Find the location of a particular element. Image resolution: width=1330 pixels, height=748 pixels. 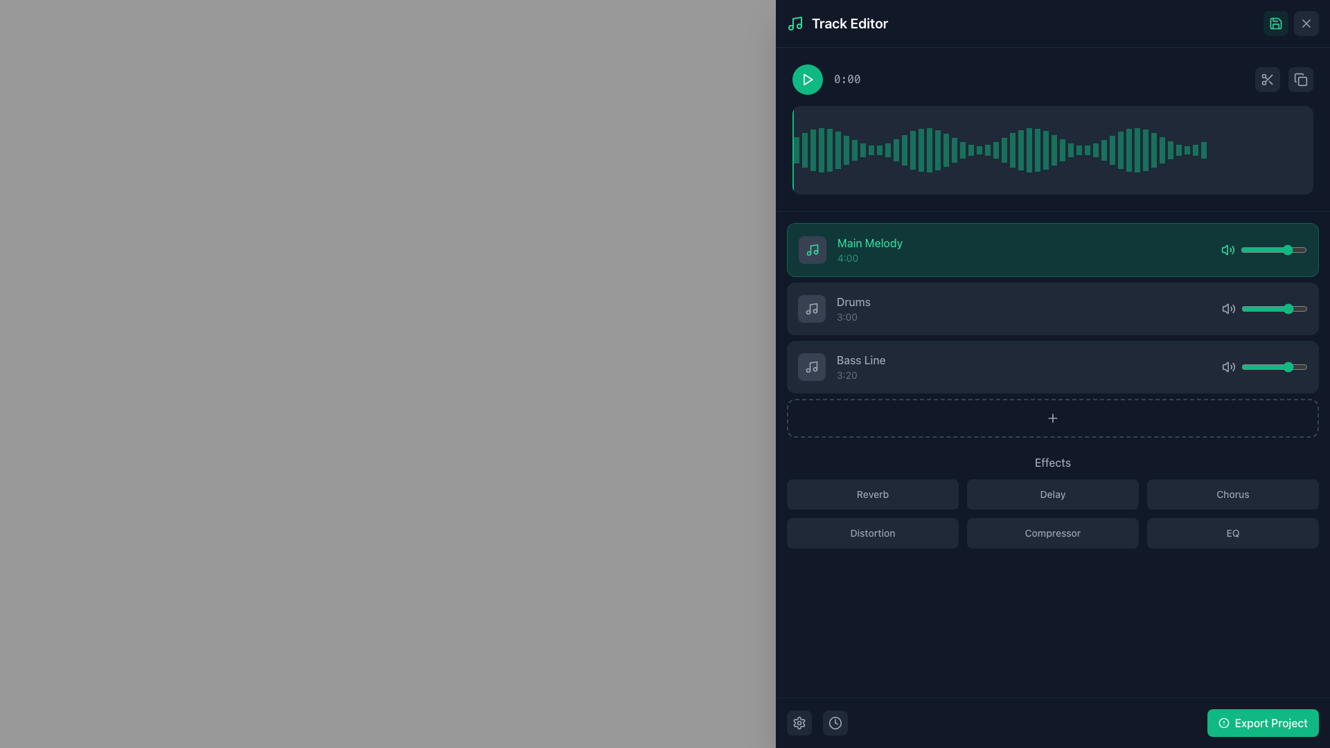

the semi-transparent emerald green vertical rectangle in the waveform display, which is part of a sequence of bars representing waveform visualization is located at coordinates (846, 150).